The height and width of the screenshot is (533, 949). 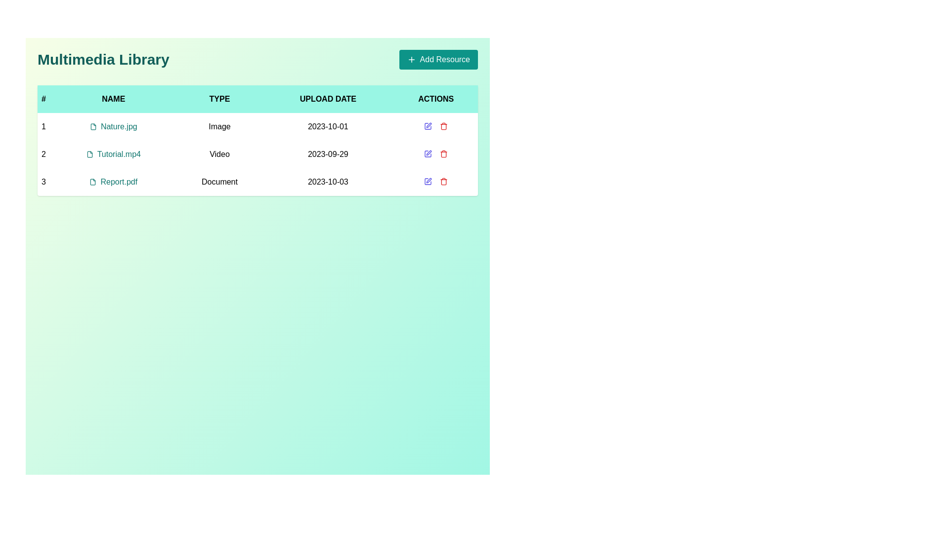 What do you see at coordinates (93, 182) in the screenshot?
I see `the small green-bordered document icon representing 'Report.pdf' located in the third row of the table under the 'NAME' column` at bounding box center [93, 182].